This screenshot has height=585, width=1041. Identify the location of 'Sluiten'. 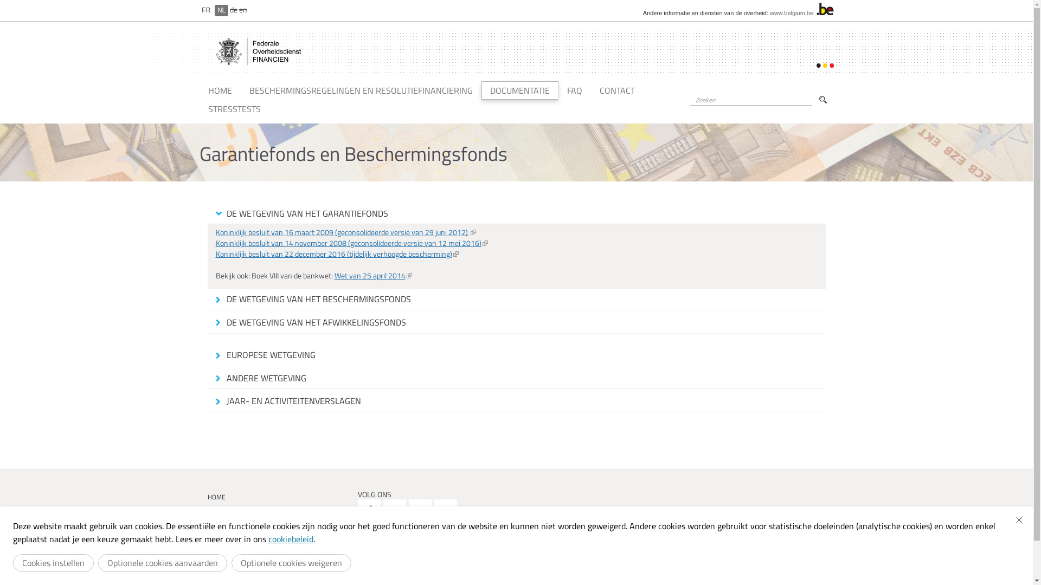
(1019, 519).